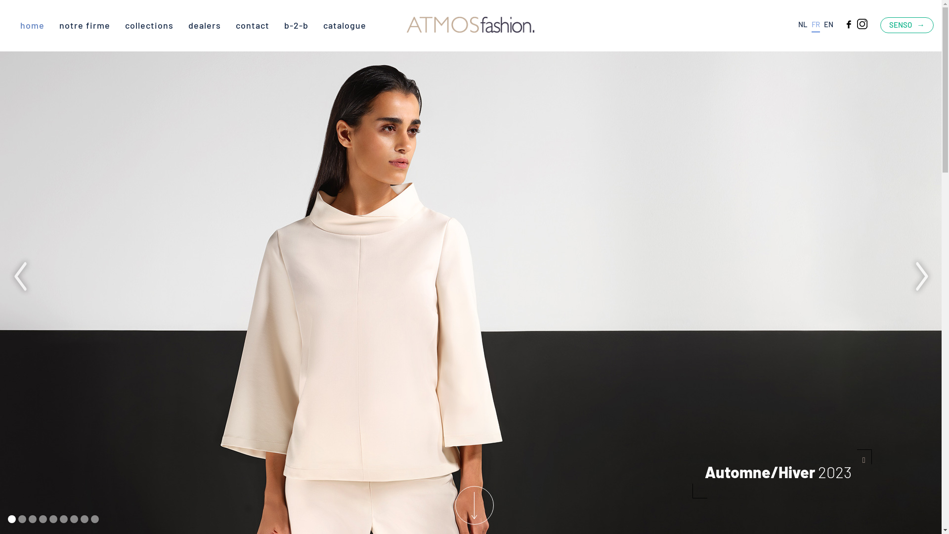 The height and width of the screenshot is (534, 949). I want to click on 'b-2-b', so click(296, 24).